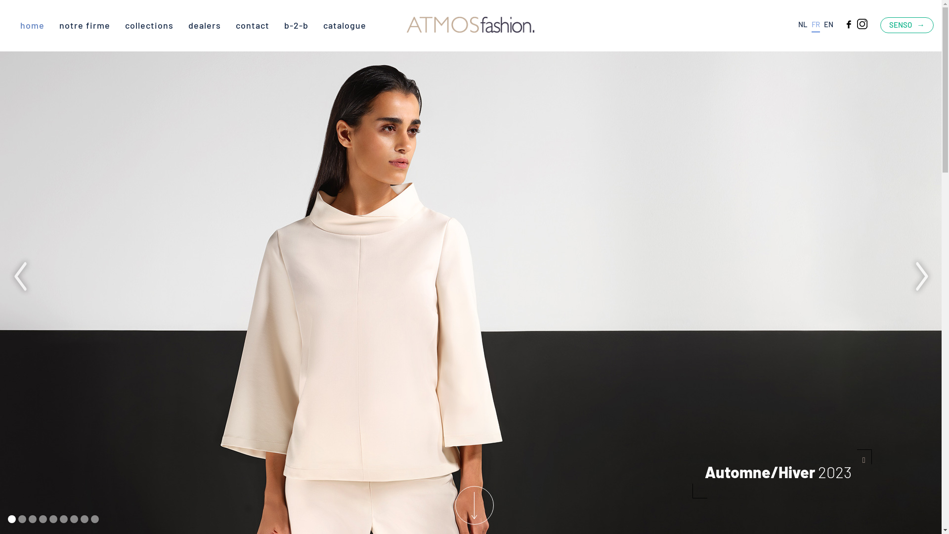 The height and width of the screenshot is (534, 949). I want to click on 'b-2-b', so click(296, 24).